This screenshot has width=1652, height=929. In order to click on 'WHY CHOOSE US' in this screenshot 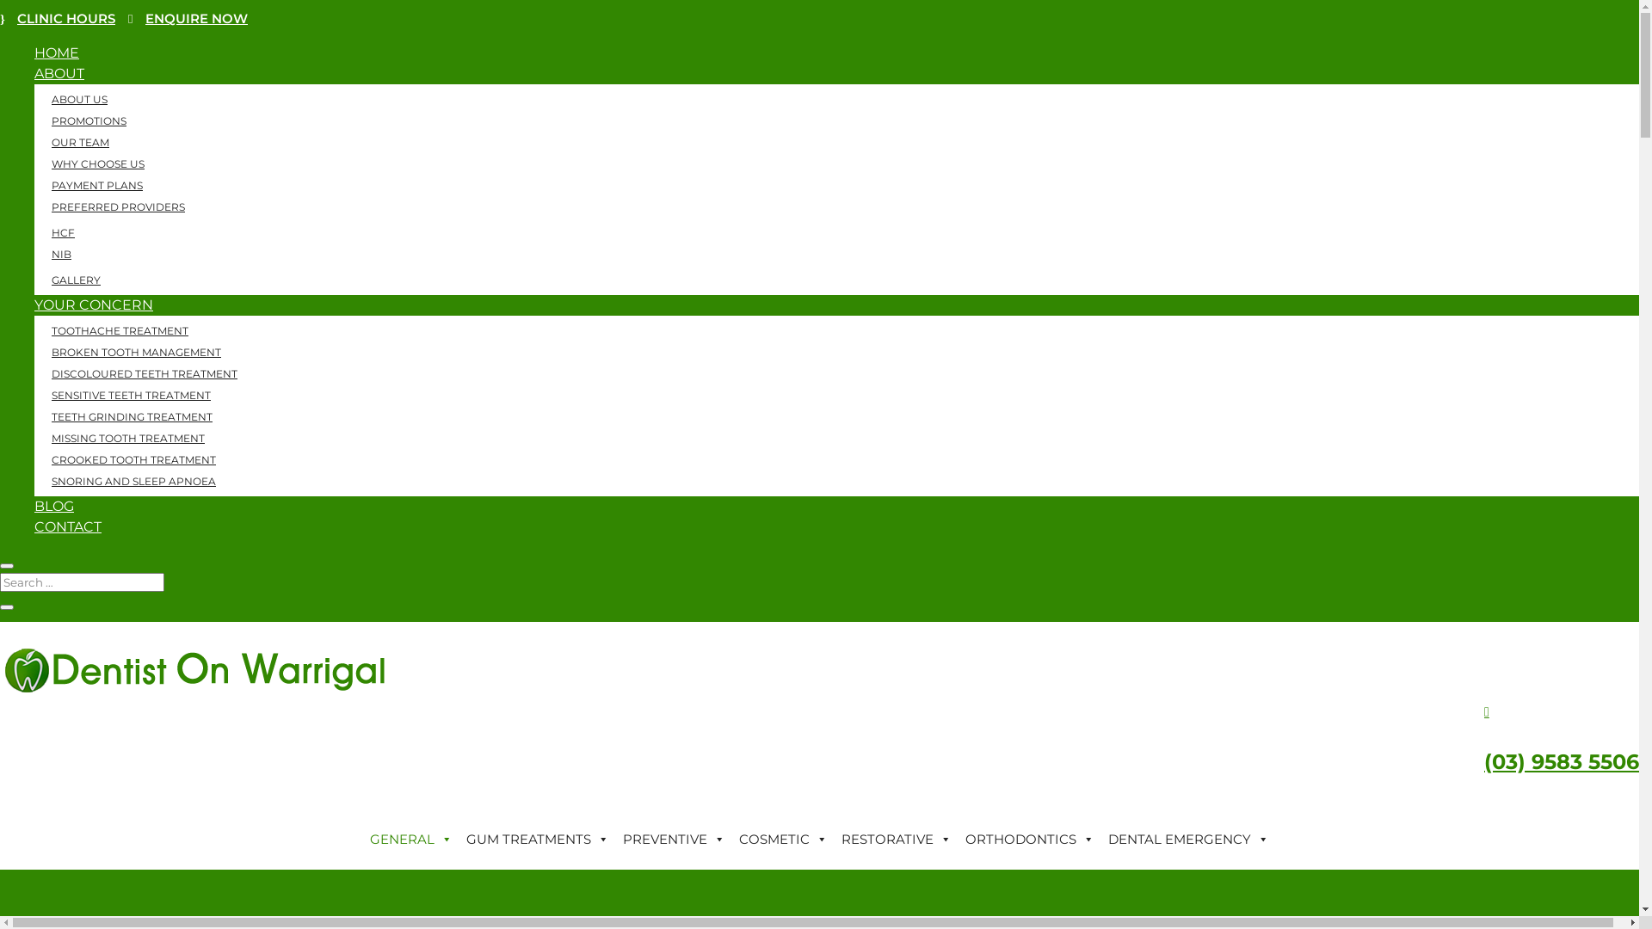, I will do `click(97, 163)`.